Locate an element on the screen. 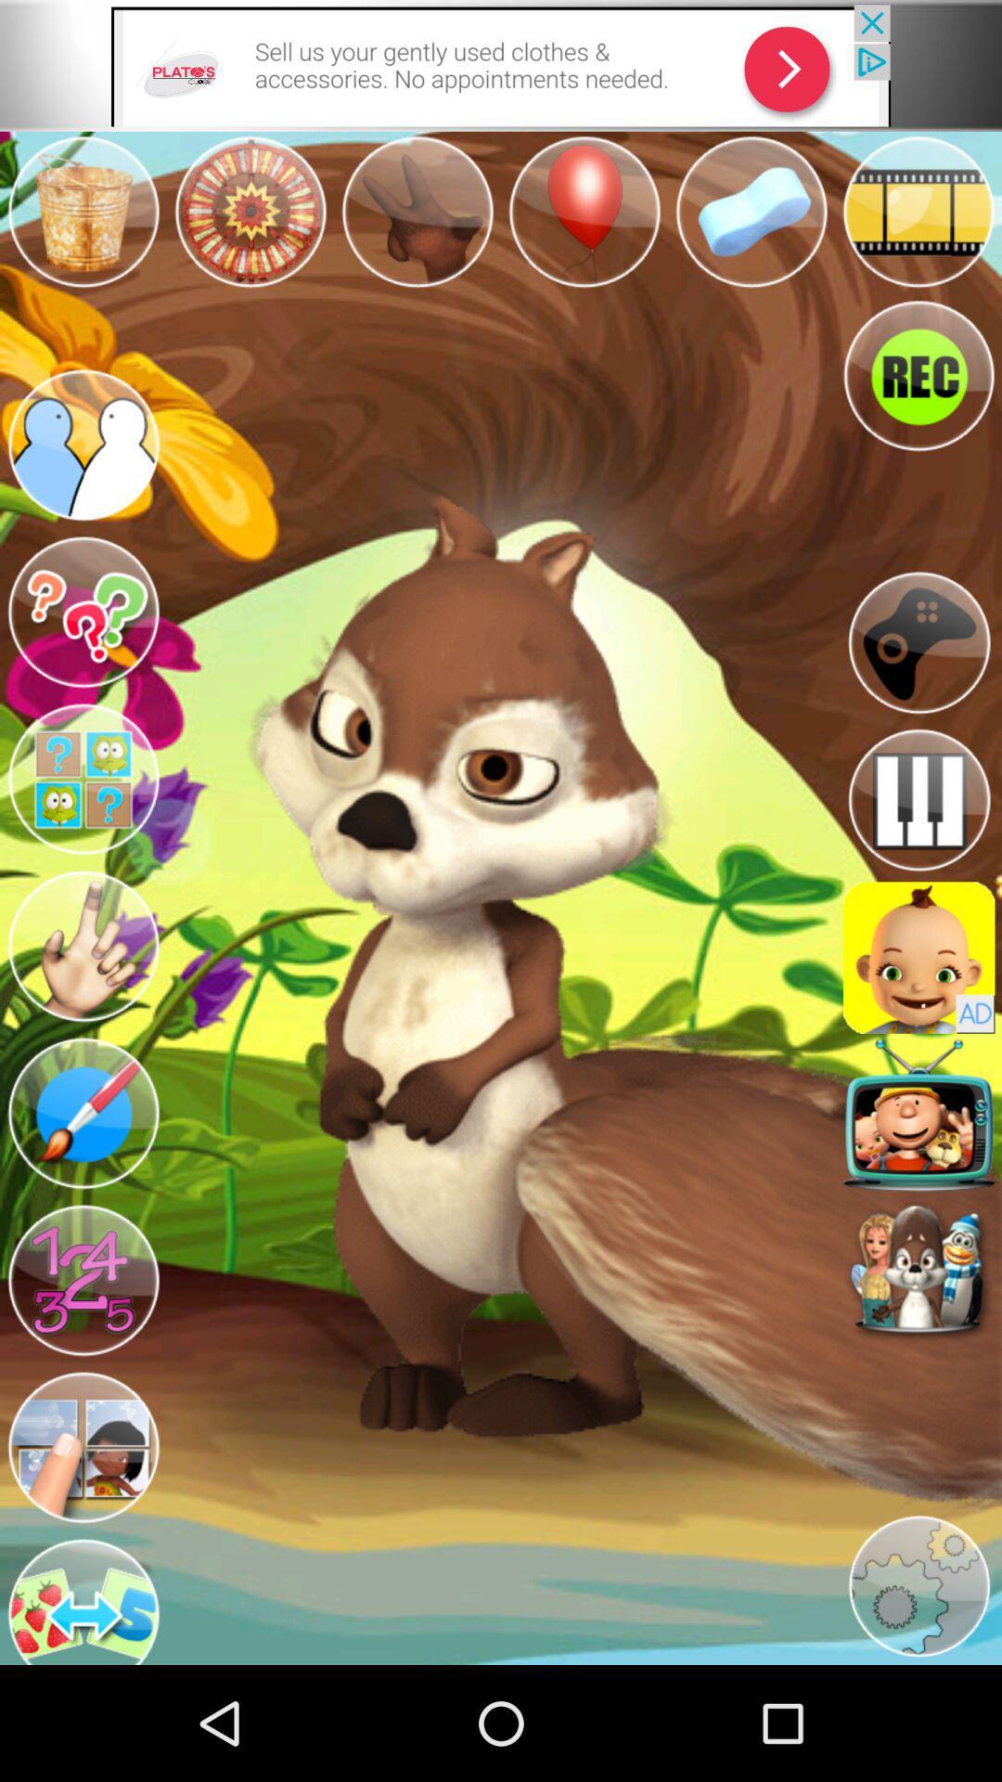 This screenshot has width=1002, height=1782. the pause icon is located at coordinates (918, 856).